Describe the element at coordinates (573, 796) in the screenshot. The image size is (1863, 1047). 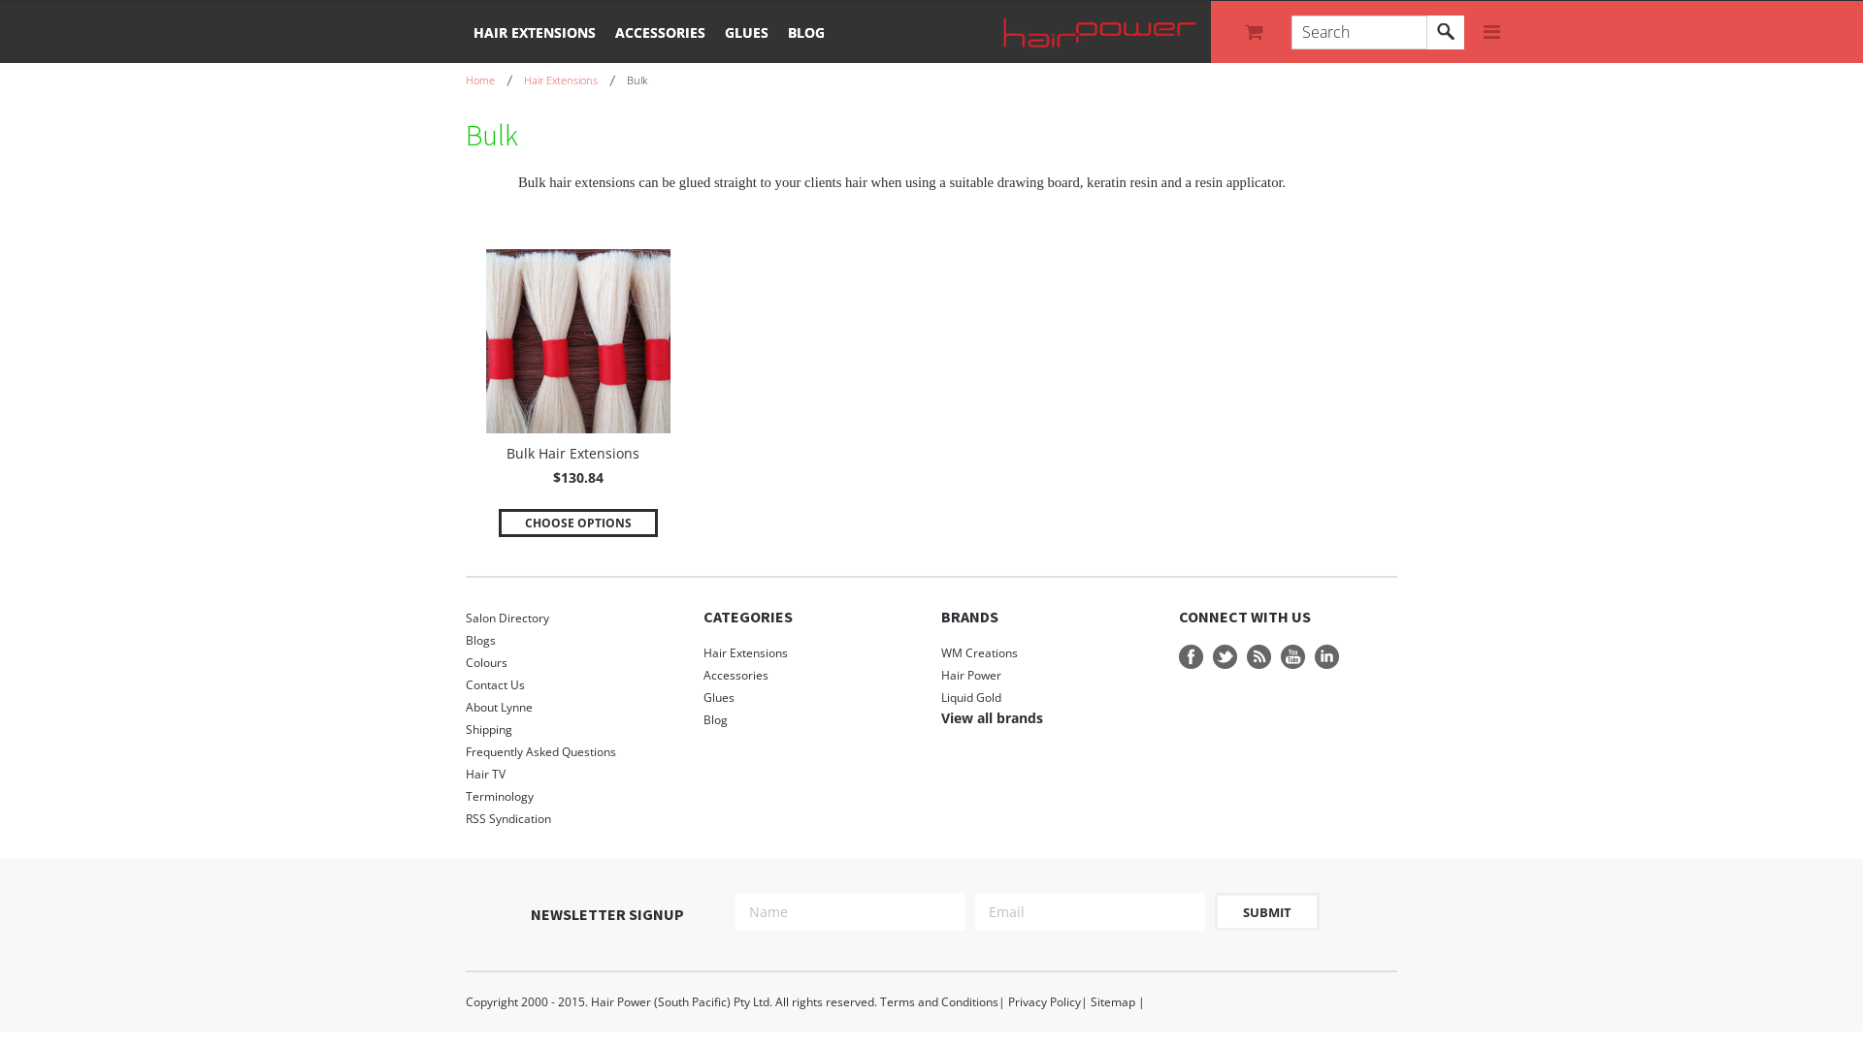
I see `'Terminology'` at that location.